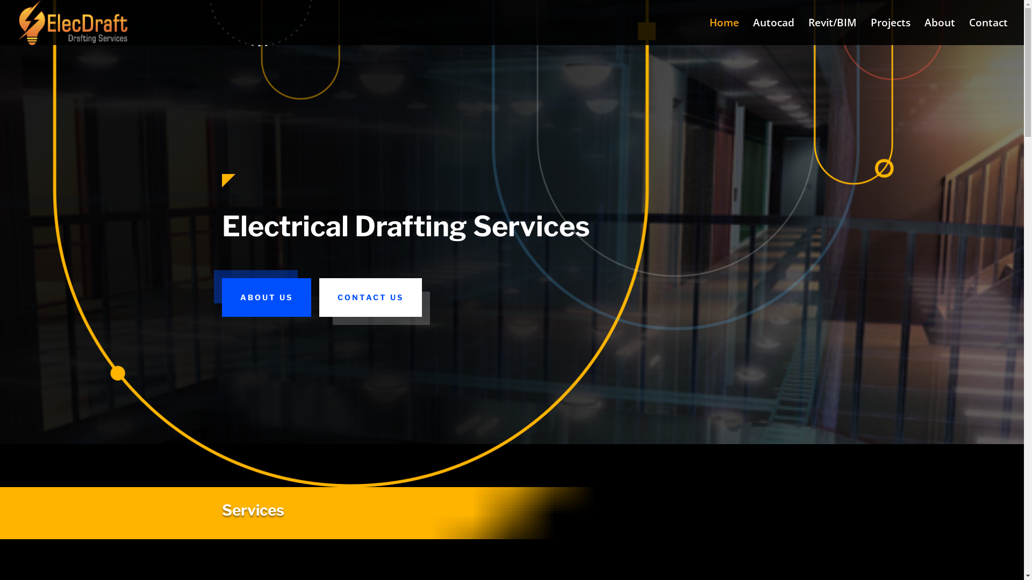 This screenshot has width=1032, height=580. I want to click on 'Autocad', so click(773, 31).